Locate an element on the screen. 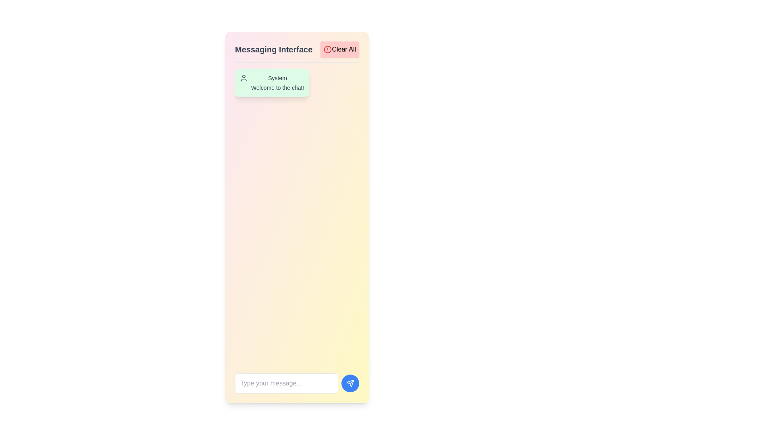  the Notification card that has a light green background, featuring a user icon, the text 'System' in bold dark gray font, and 'Welcome to the chat!' in lighter gray font below it is located at coordinates (272, 83).